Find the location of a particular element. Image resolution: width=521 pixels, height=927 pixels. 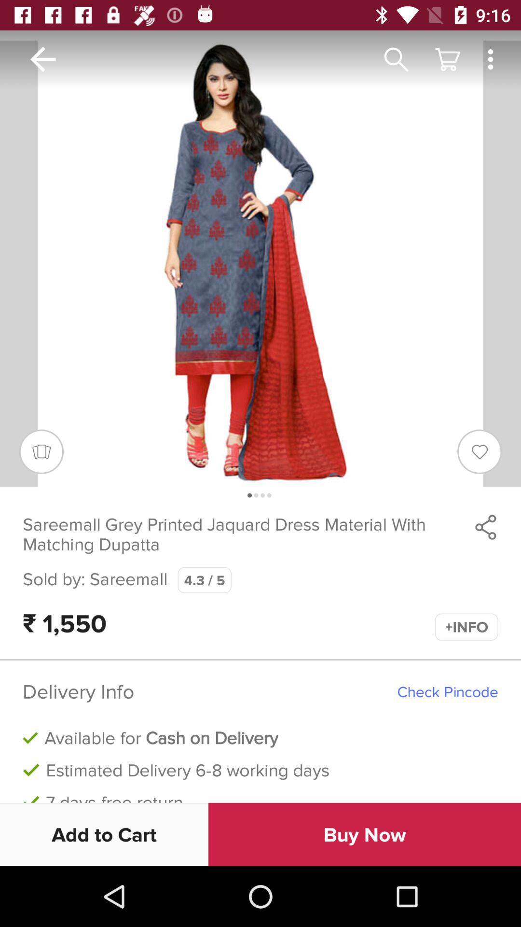

the favorite icon is located at coordinates (480, 451).